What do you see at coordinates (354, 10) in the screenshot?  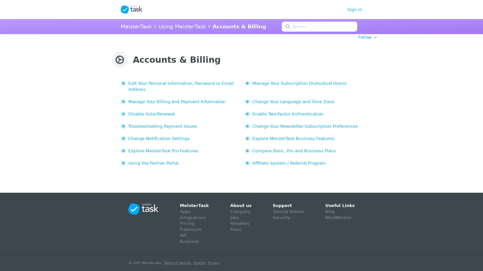 I see `Sign in` at bounding box center [354, 10].